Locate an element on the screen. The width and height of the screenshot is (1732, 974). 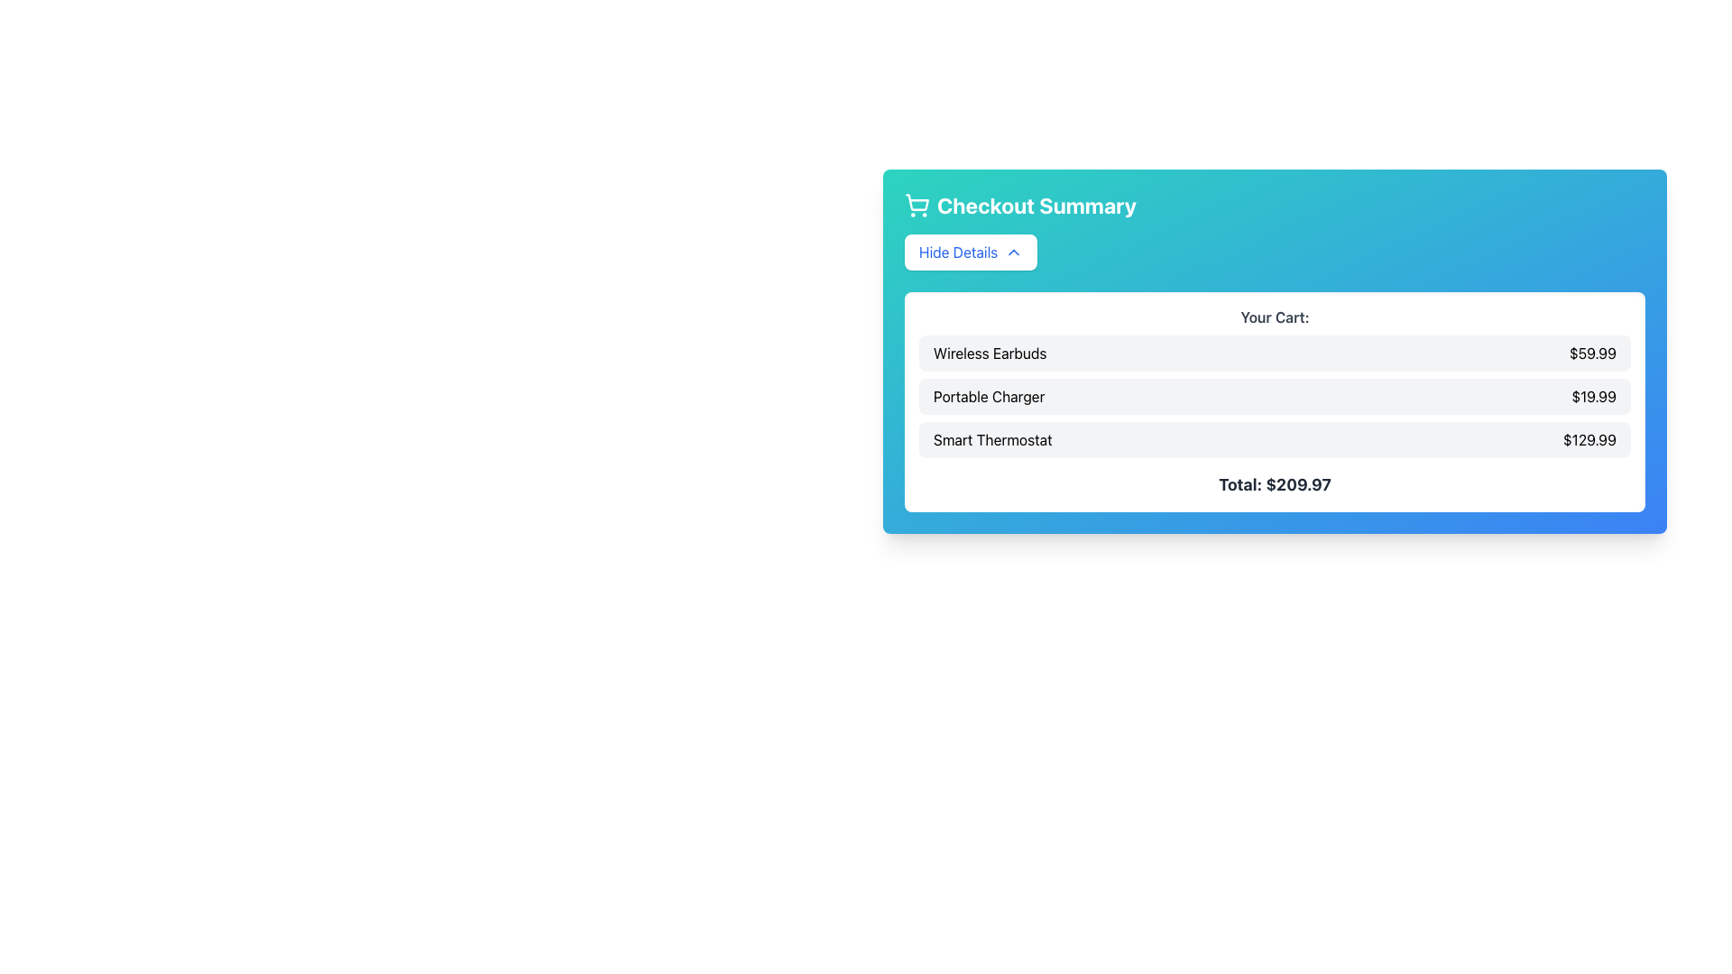
text label 'Portable Charger' located in the 'Checkout Summary' section, which is left-aligned with a price tag '$19.99' to its right is located at coordinates (988, 395).